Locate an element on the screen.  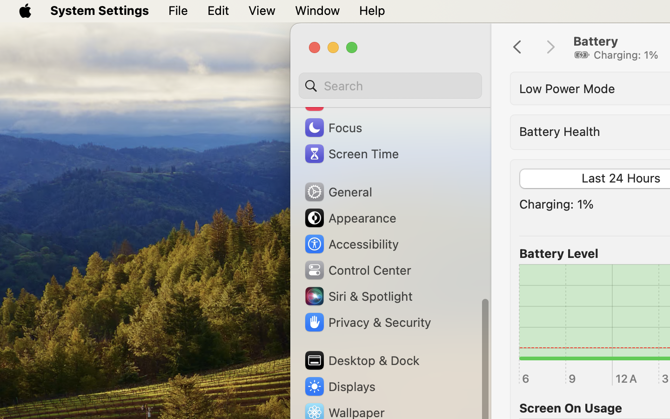
'Screen Time' is located at coordinates (350, 153).